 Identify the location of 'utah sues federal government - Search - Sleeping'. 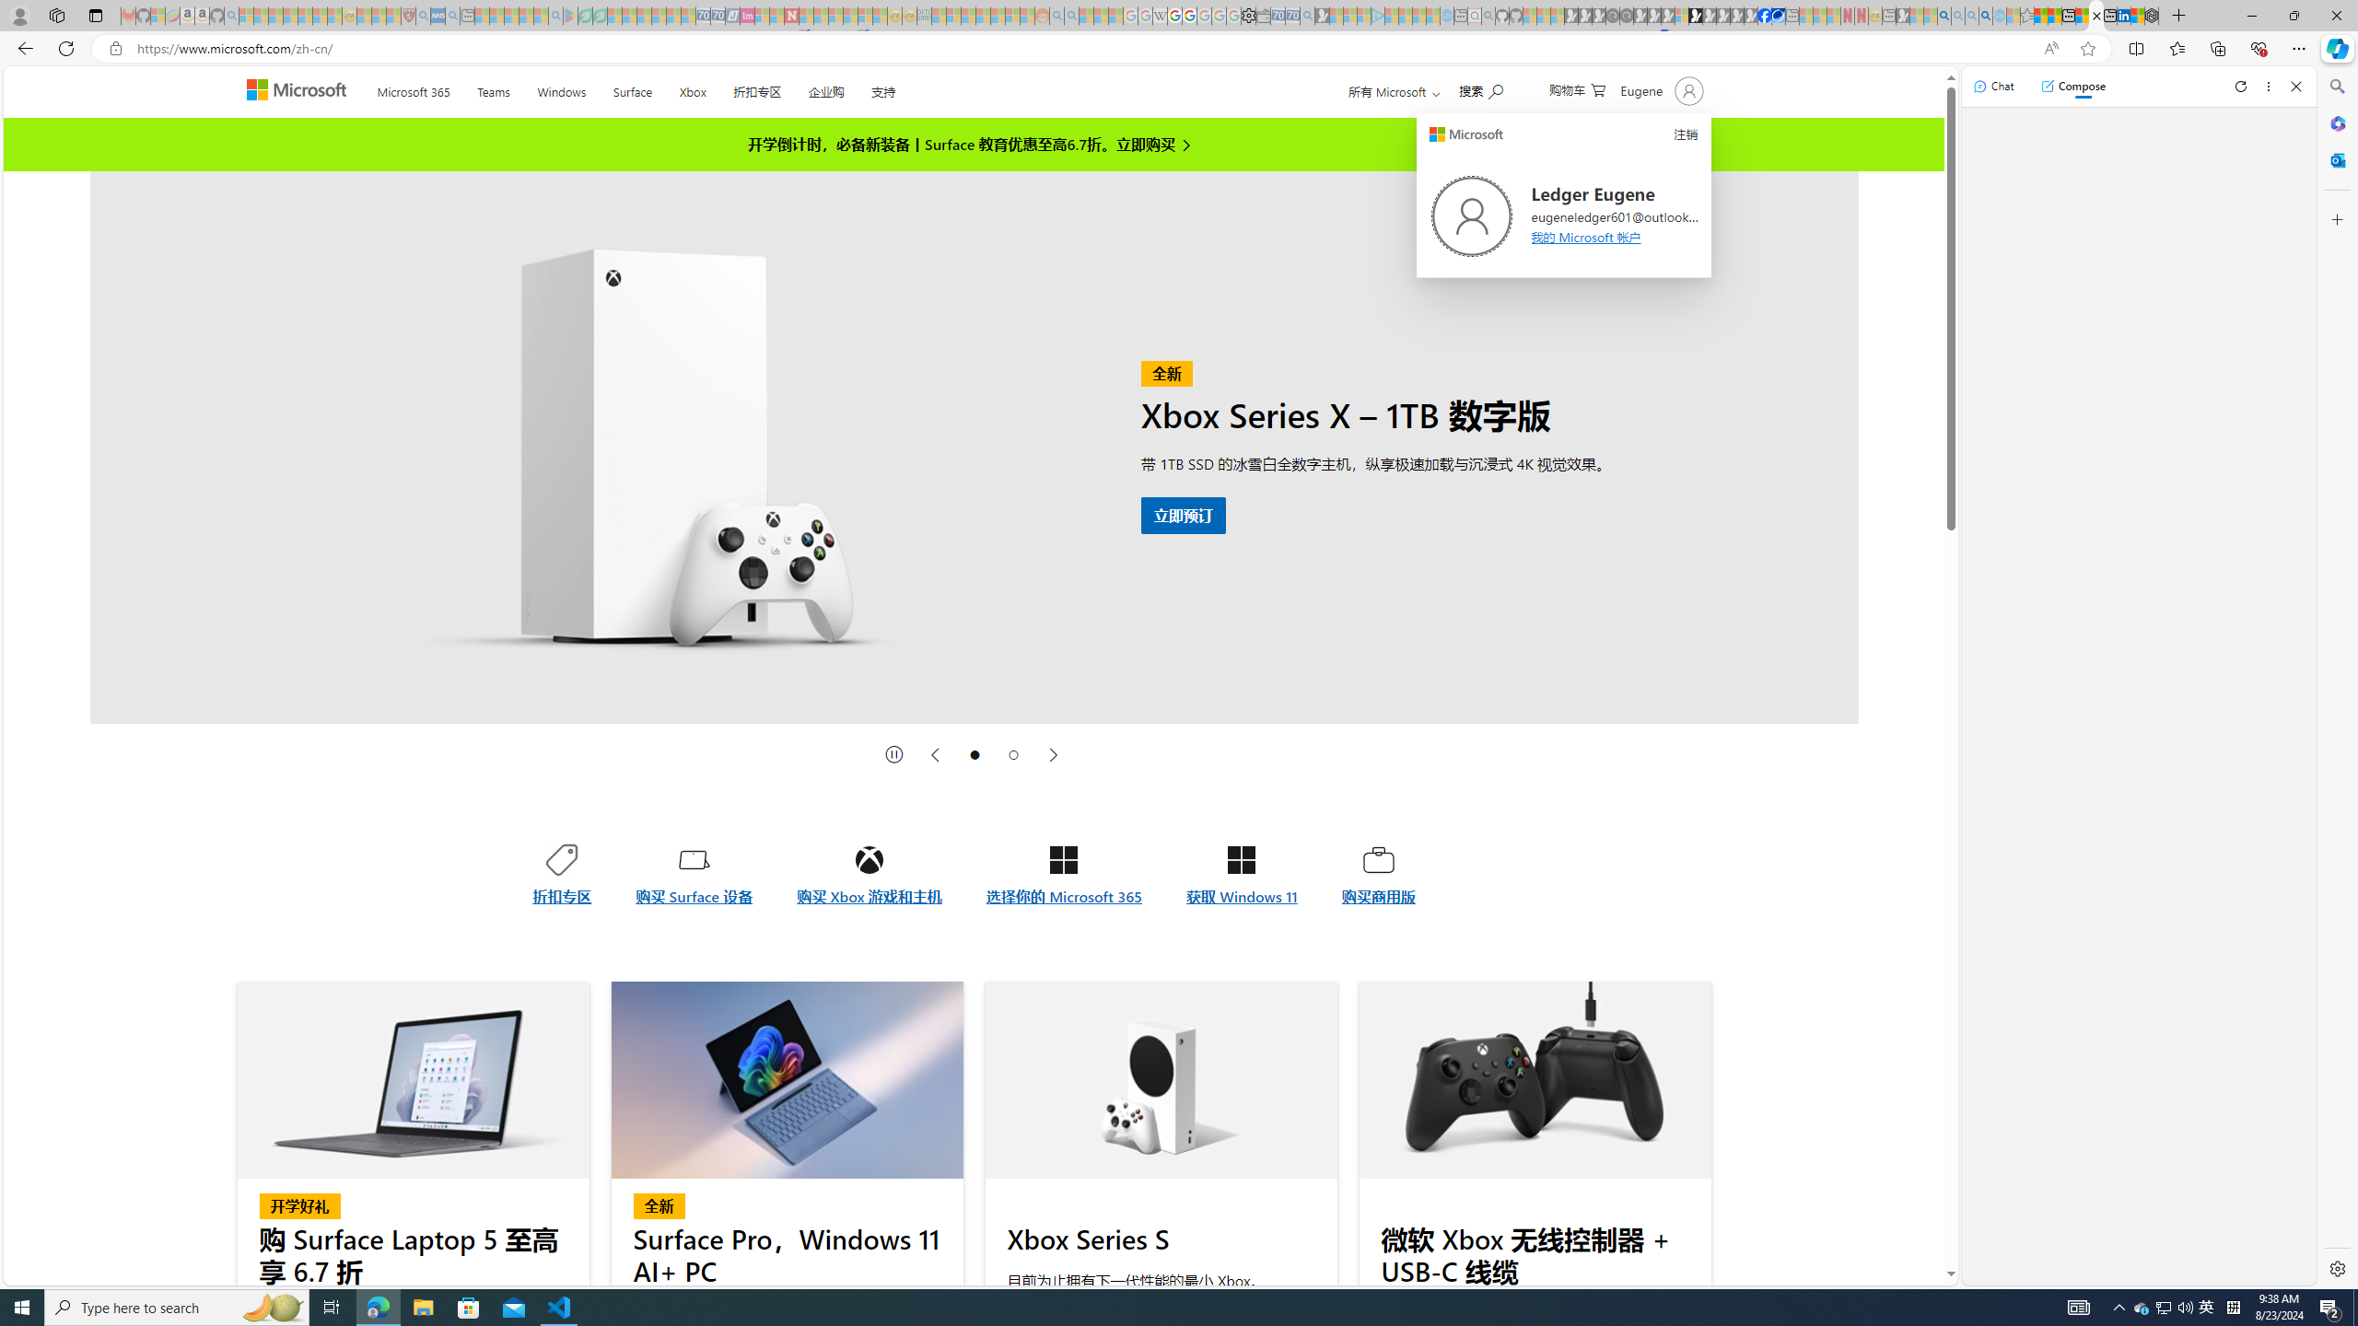
(451, 15).